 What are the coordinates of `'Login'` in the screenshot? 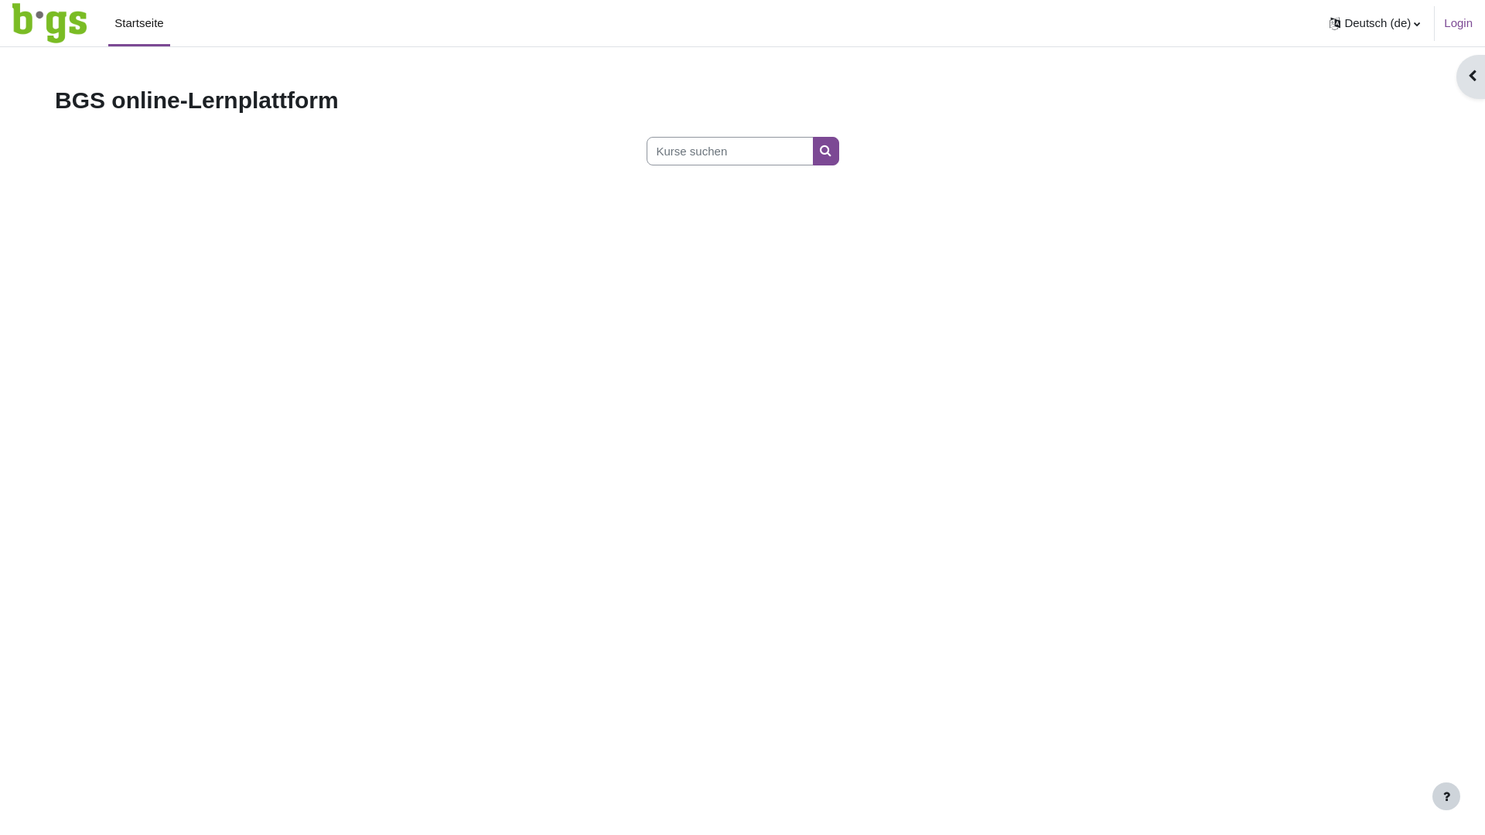 It's located at (1457, 23).